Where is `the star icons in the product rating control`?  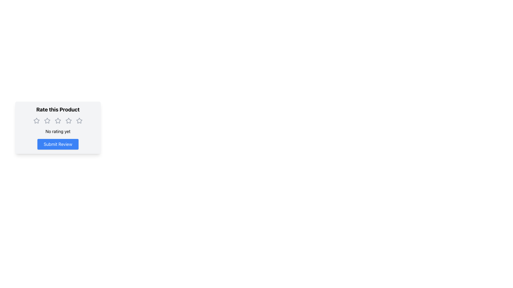 the star icons in the product rating control is located at coordinates (58, 127).